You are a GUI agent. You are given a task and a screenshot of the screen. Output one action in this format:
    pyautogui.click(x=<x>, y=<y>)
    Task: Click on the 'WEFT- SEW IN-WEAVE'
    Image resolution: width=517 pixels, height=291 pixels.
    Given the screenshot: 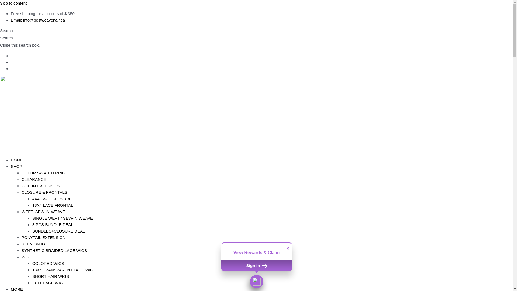 What is the action you would take?
    pyautogui.click(x=43, y=211)
    